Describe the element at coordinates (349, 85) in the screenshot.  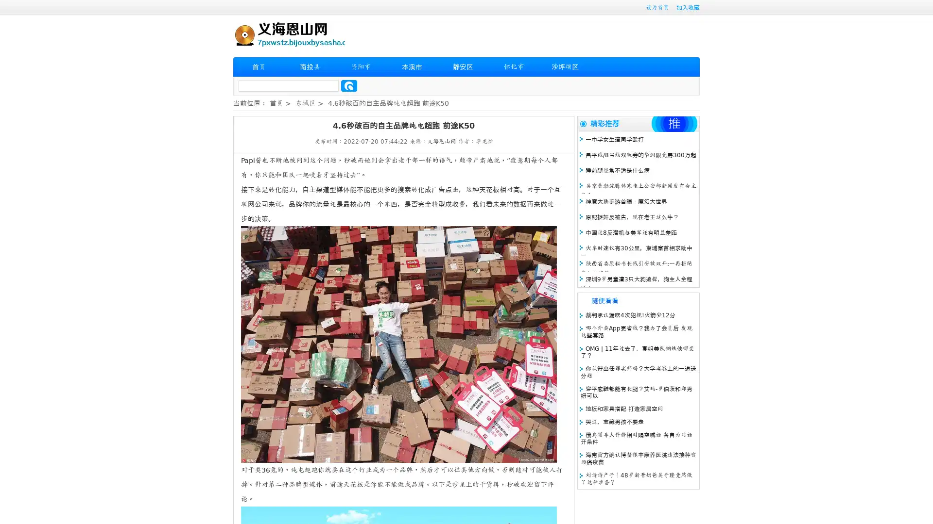
I see `Search` at that location.